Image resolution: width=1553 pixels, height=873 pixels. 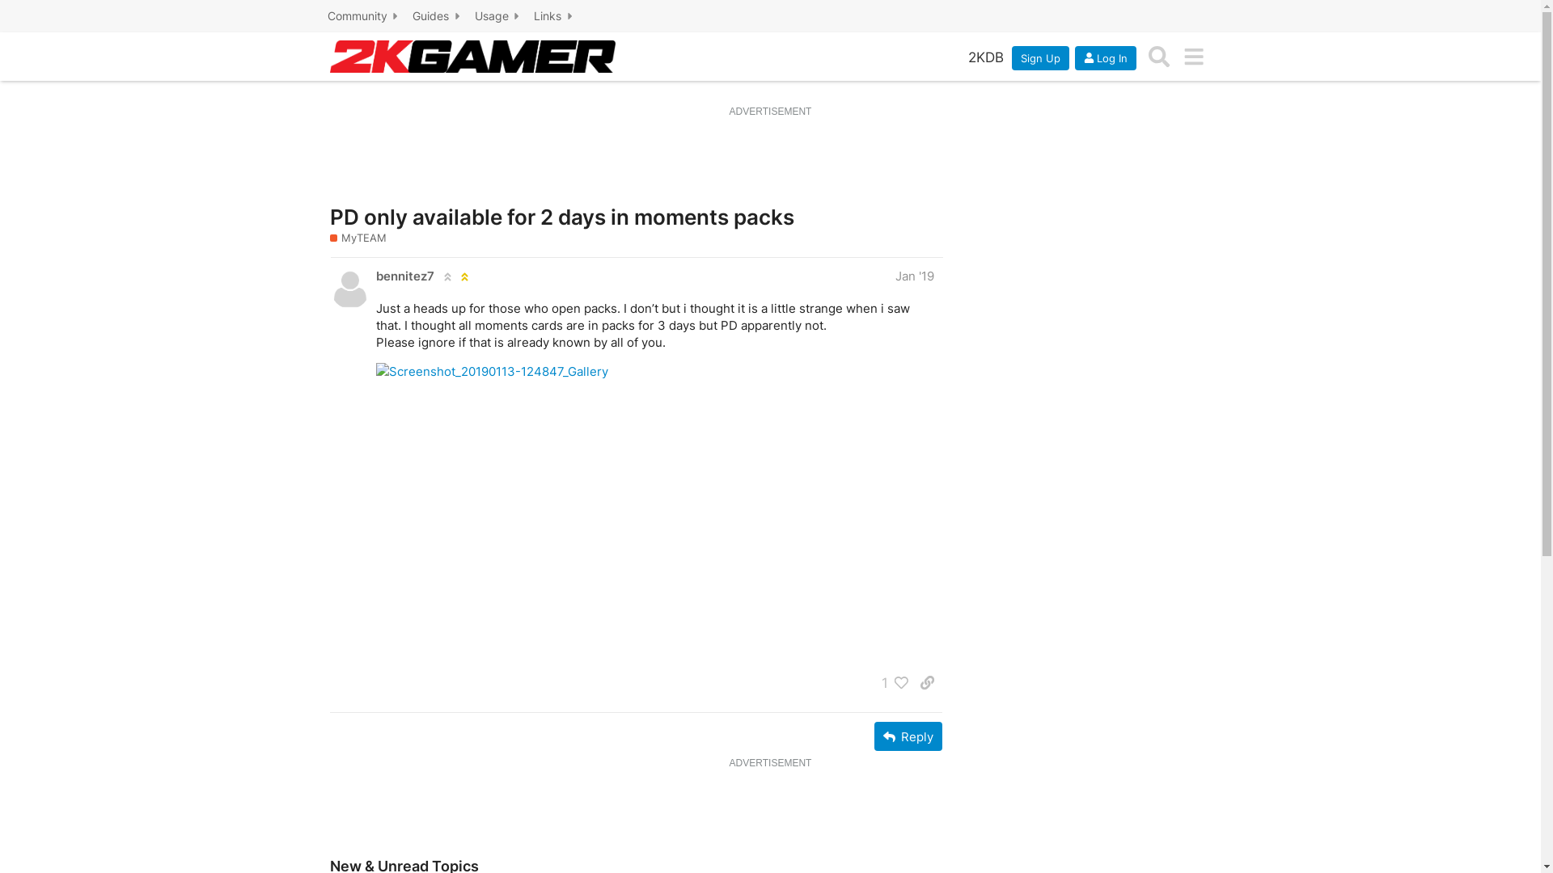 What do you see at coordinates (913, 275) in the screenshot?
I see `'Jan '19'` at bounding box center [913, 275].